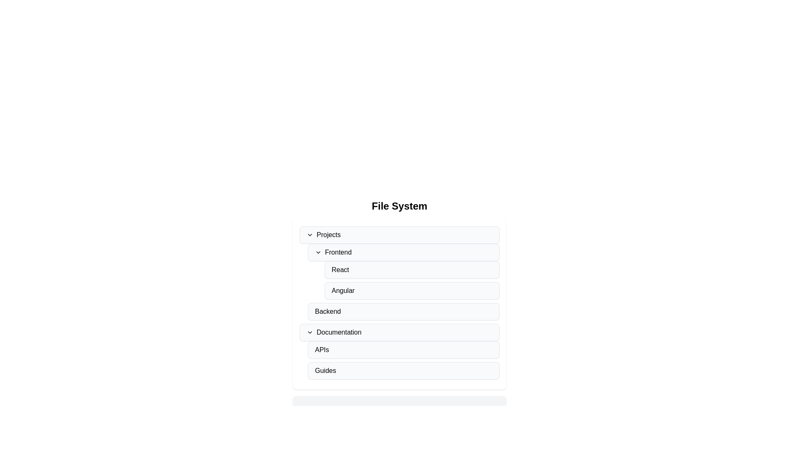  Describe the element at coordinates (325, 370) in the screenshot. I see `the Text label under the 'Documentation' section` at that location.